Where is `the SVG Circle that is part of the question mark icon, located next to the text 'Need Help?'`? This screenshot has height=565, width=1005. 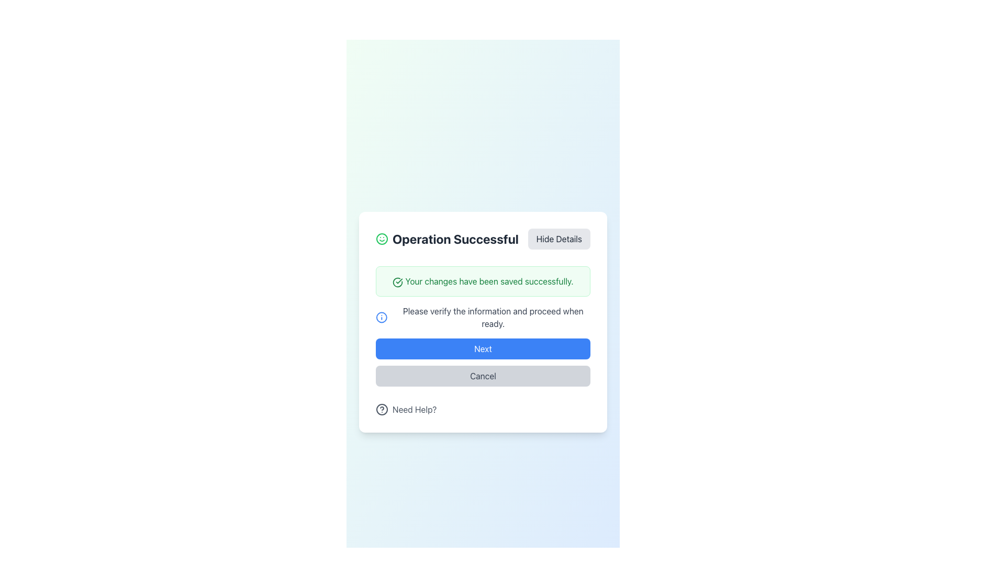 the SVG Circle that is part of the question mark icon, located next to the text 'Need Help?' is located at coordinates (381, 409).